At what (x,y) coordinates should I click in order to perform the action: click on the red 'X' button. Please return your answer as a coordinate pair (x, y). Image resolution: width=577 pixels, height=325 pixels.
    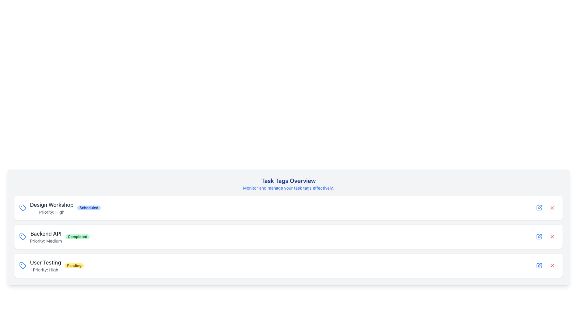
    Looking at the image, I should click on (552, 207).